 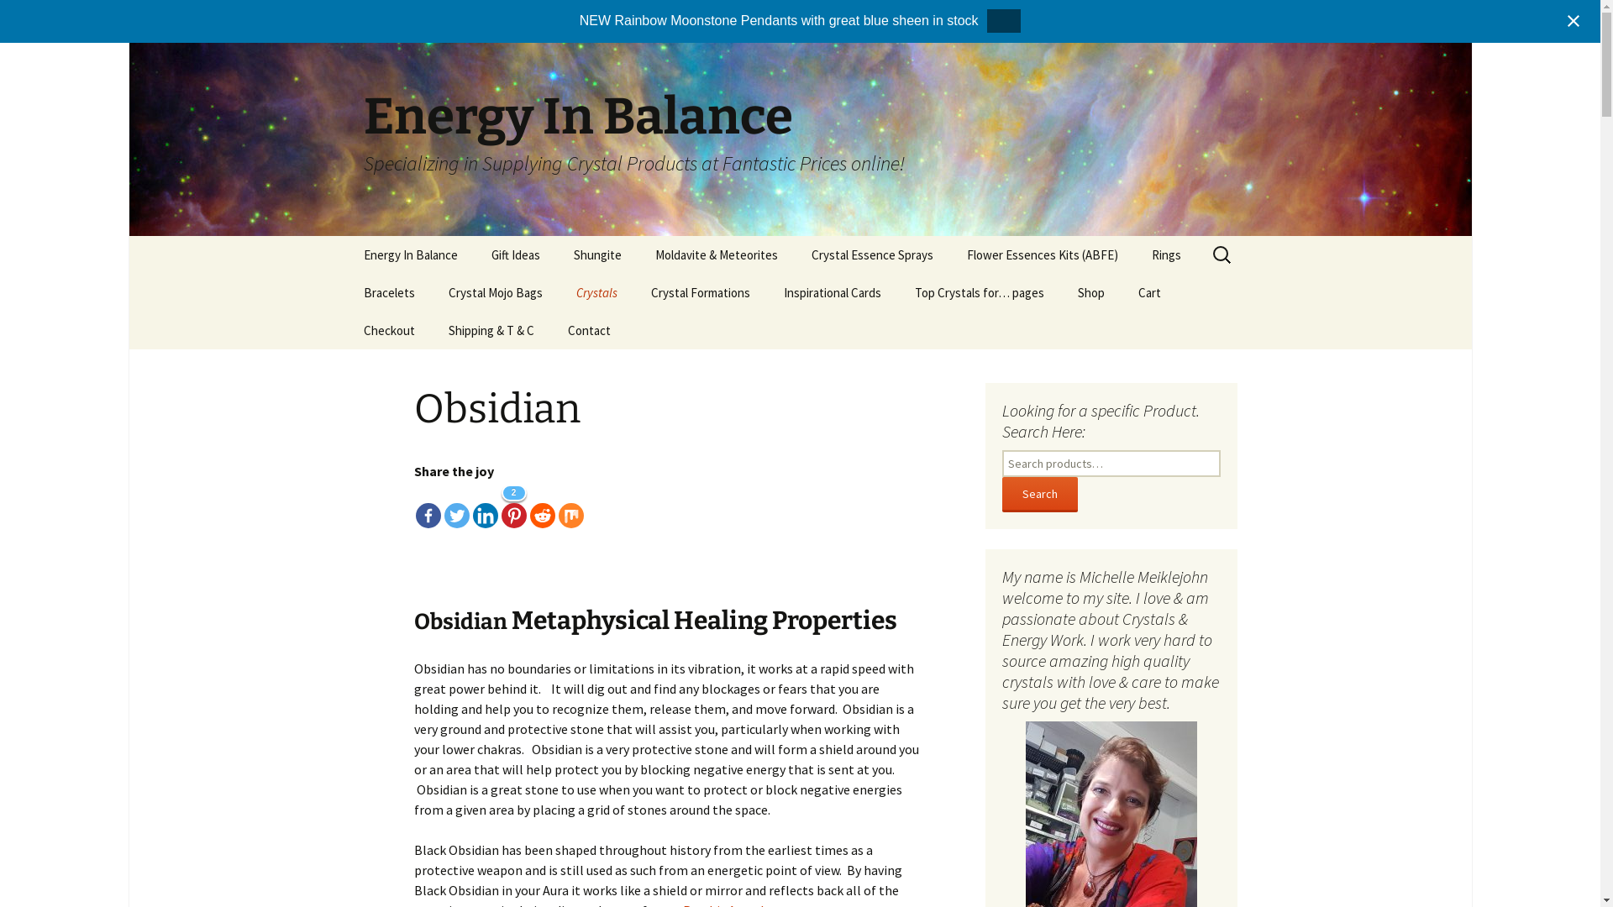 What do you see at coordinates (1148, 291) in the screenshot?
I see `'Cart'` at bounding box center [1148, 291].